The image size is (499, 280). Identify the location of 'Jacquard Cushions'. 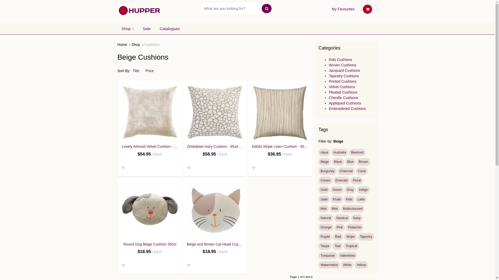
(344, 71).